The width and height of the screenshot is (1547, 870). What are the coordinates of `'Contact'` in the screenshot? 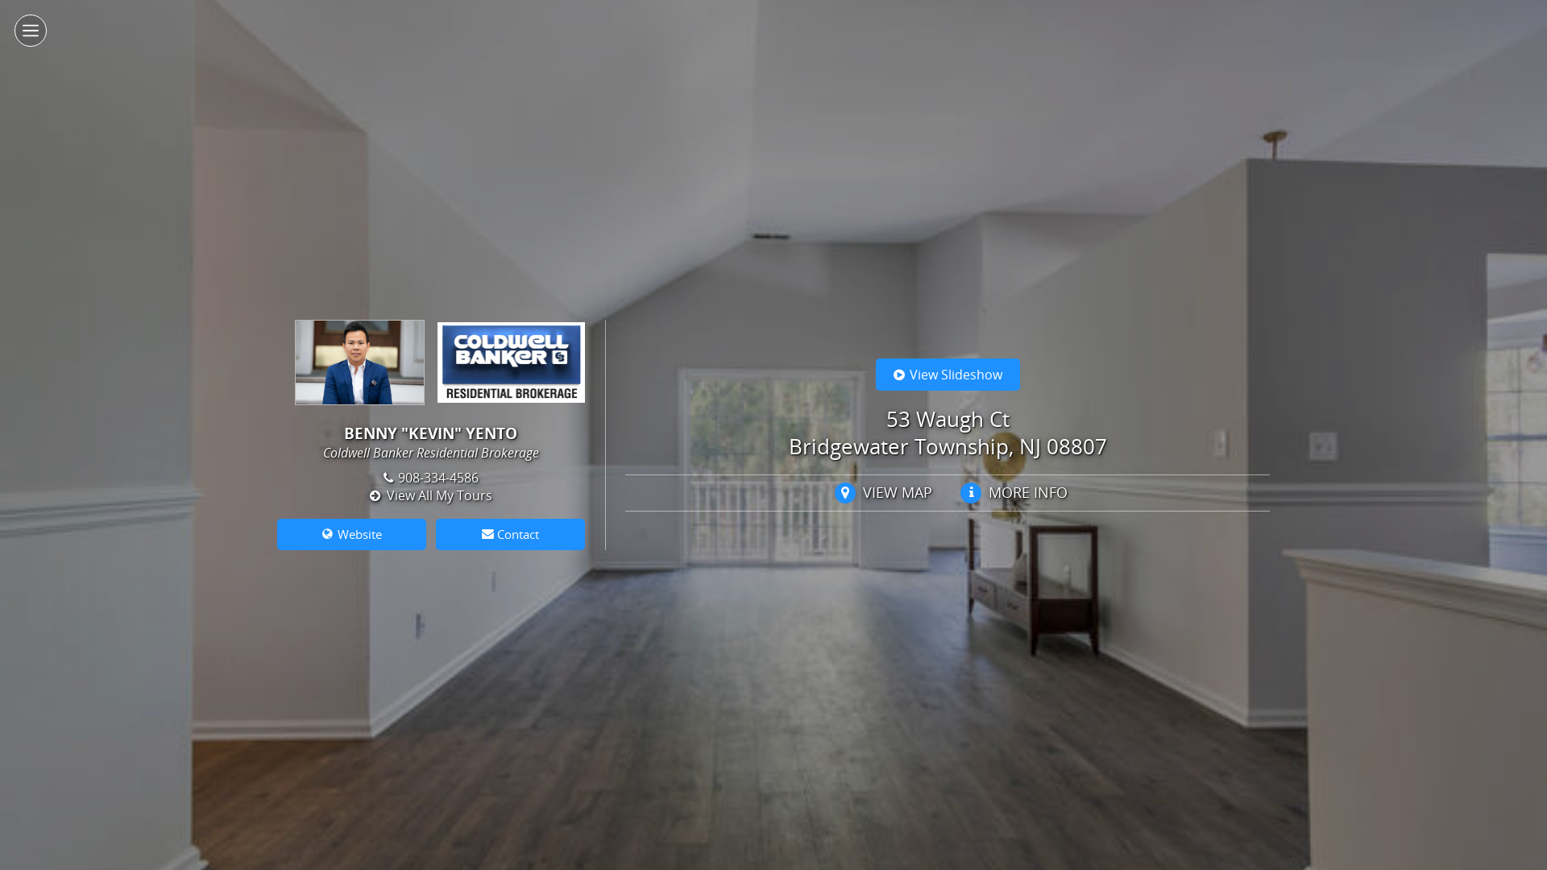 It's located at (509, 534).